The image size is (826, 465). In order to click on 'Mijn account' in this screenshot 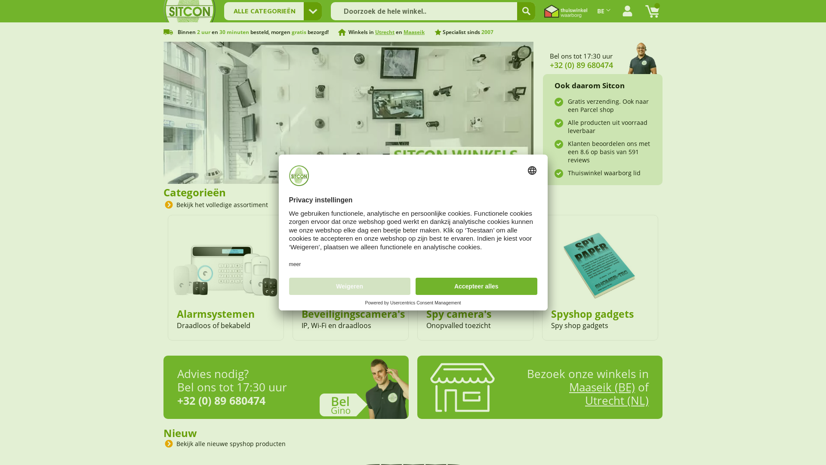, I will do `click(627, 11)`.